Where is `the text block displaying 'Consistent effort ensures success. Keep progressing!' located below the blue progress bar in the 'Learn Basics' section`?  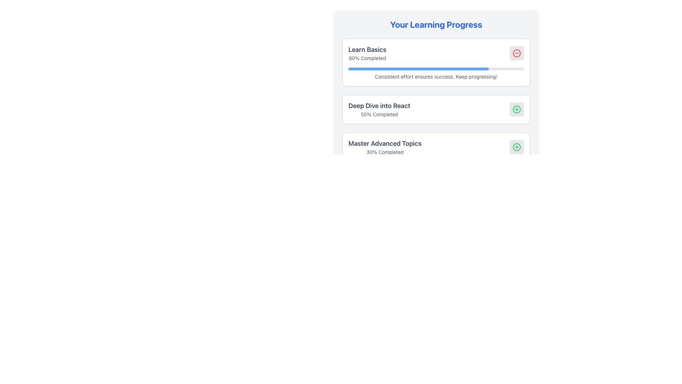 the text block displaying 'Consistent effort ensures success. Keep progressing!' located below the blue progress bar in the 'Learn Basics' section is located at coordinates (436, 74).